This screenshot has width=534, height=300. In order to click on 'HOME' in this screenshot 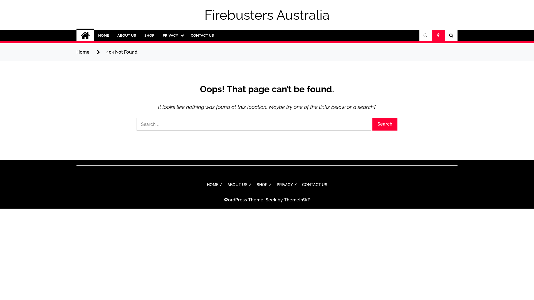, I will do `click(103, 35)`.